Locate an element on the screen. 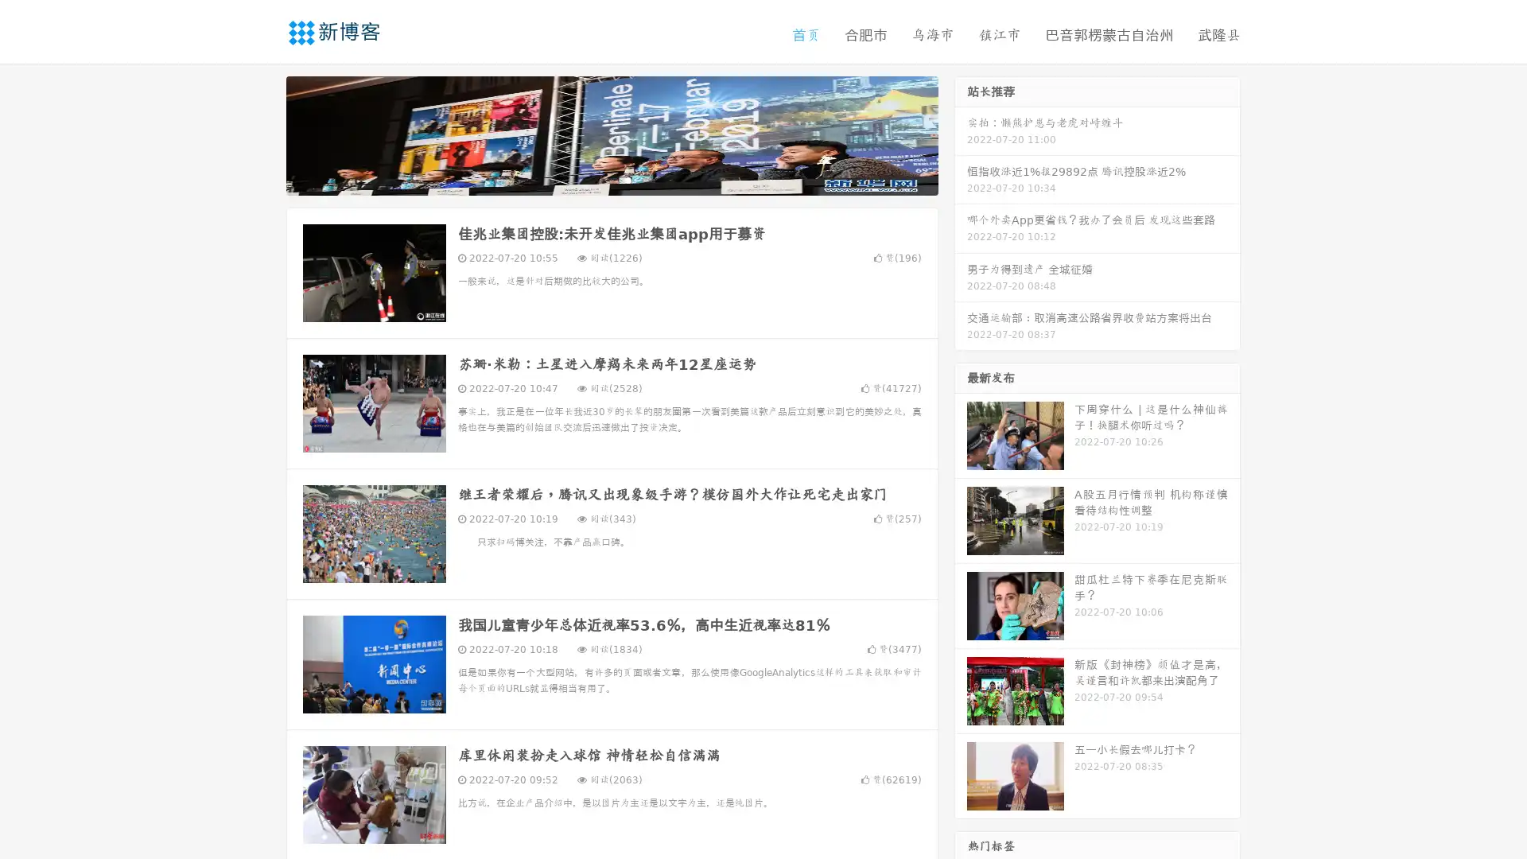 The width and height of the screenshot is (1527, 859). Go to slide 2 is located at coordinates (611, 179).